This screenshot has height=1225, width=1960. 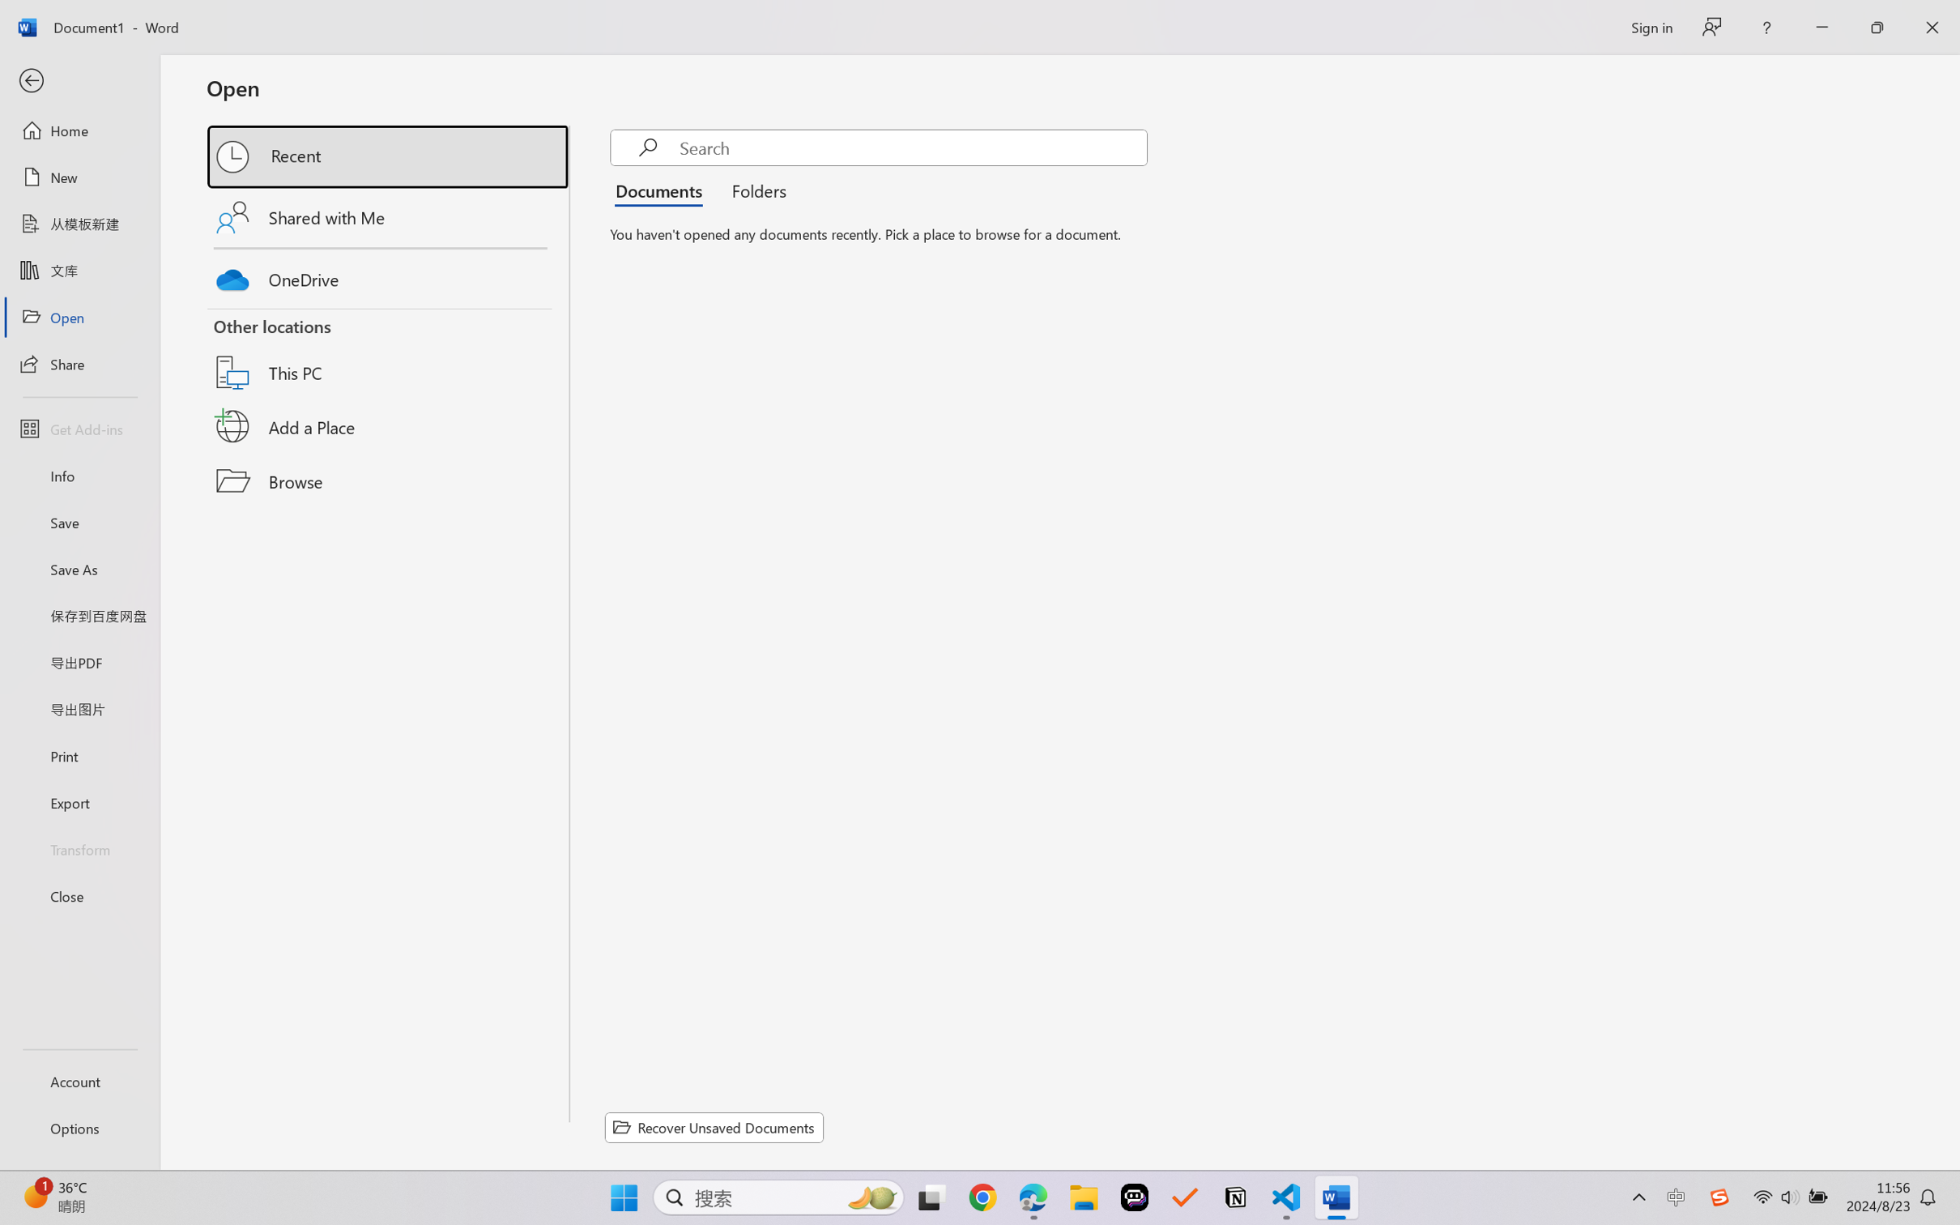 I want to click on 'Transform', so click(x=79, y=847).